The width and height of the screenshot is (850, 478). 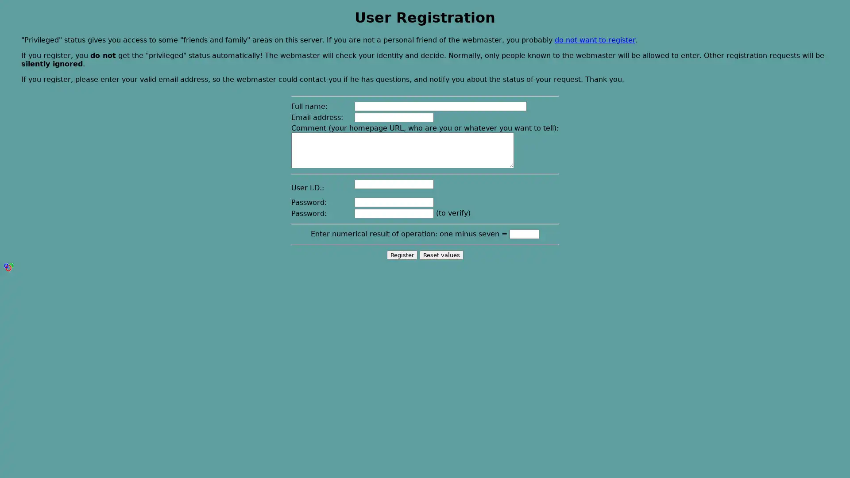 I want to click on Reset values, so click(x=441, y=254).